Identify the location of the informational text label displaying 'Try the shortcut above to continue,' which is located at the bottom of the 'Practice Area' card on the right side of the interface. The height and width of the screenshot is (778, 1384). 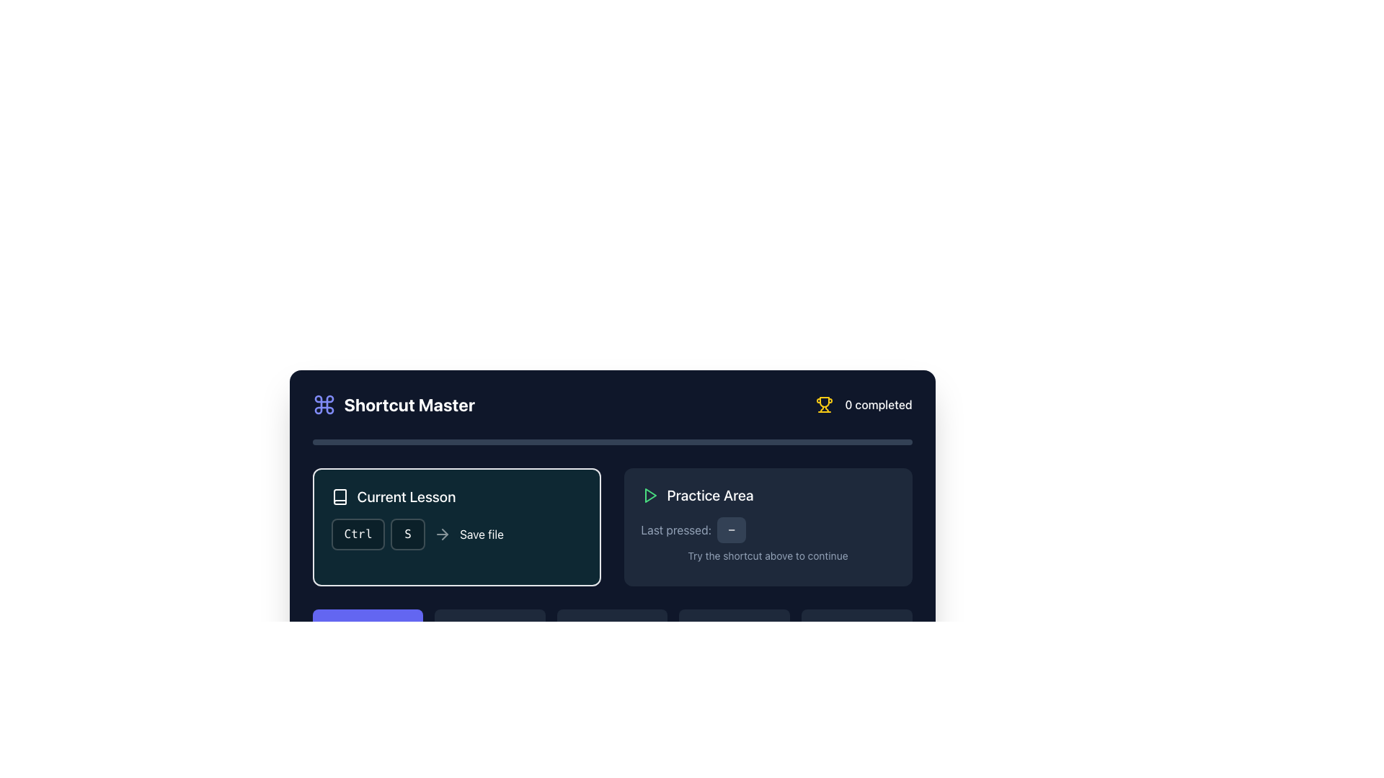
(767, 555).